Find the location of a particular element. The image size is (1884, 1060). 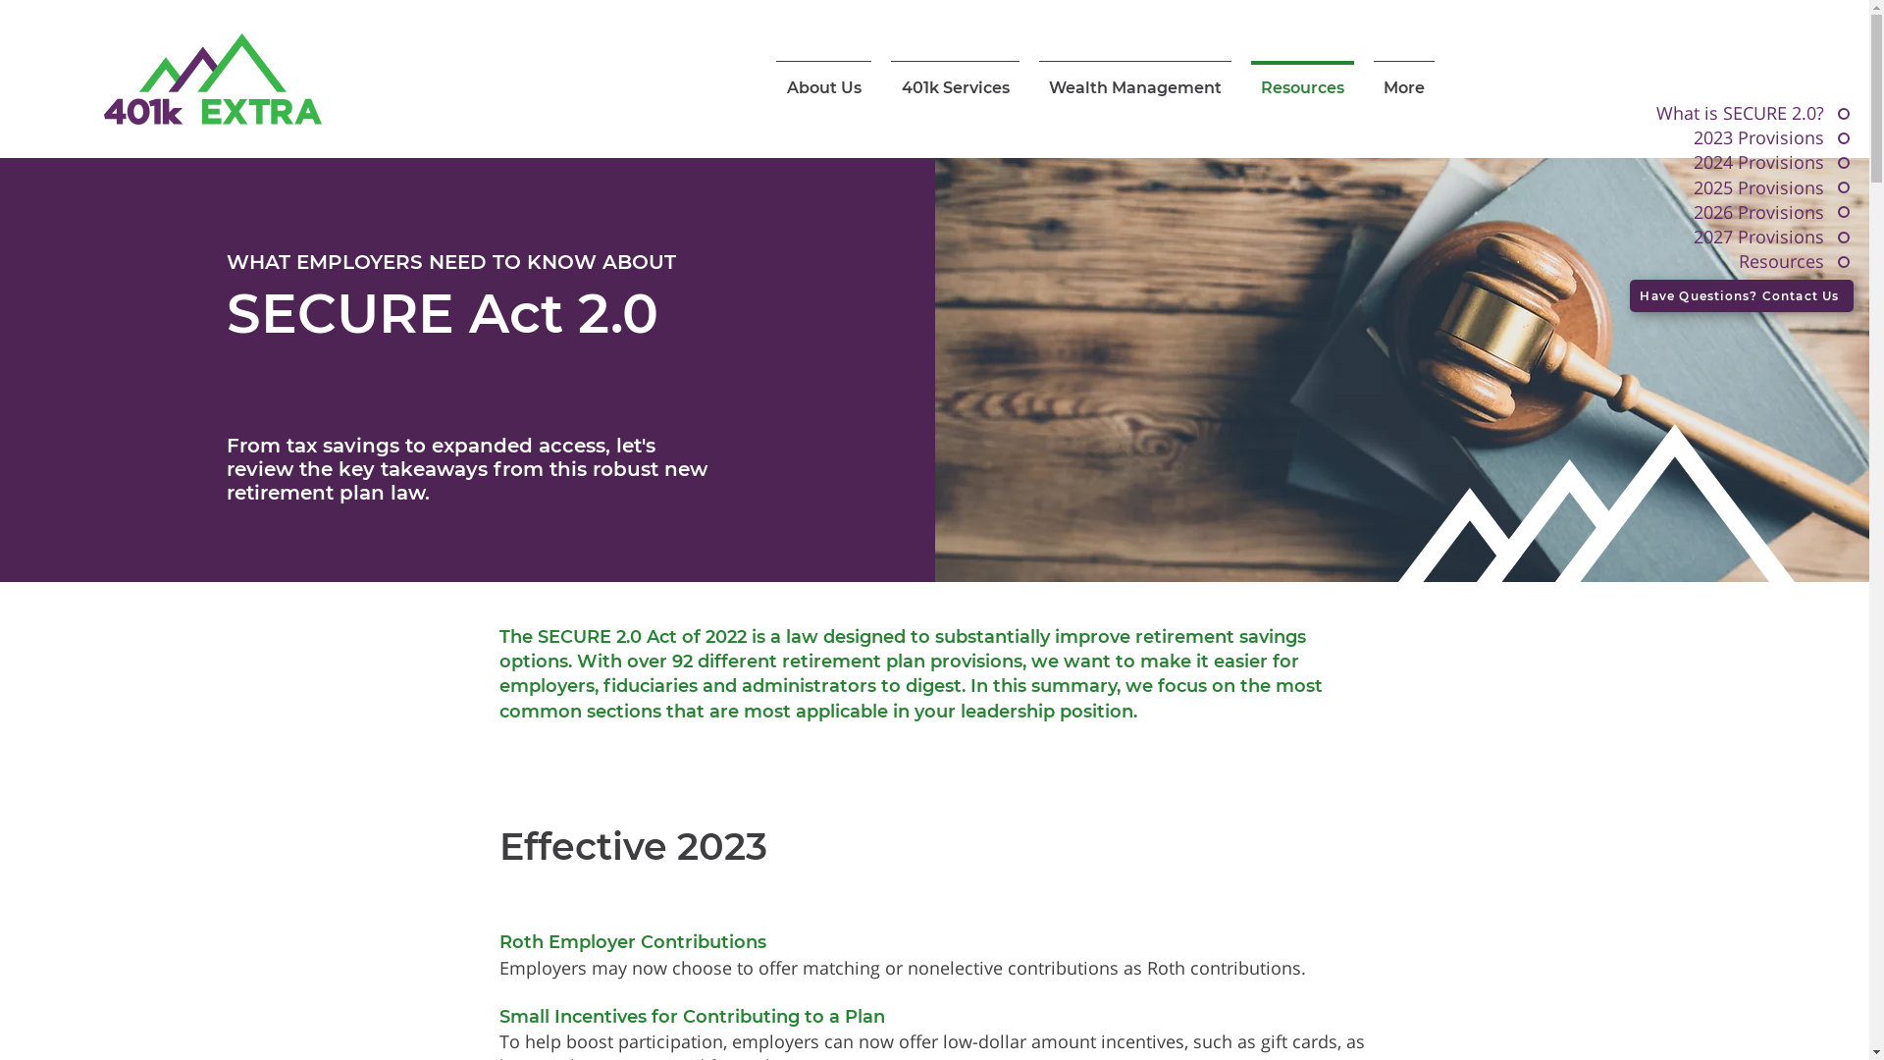

'401k Services' is located at coordinates (955, 78).